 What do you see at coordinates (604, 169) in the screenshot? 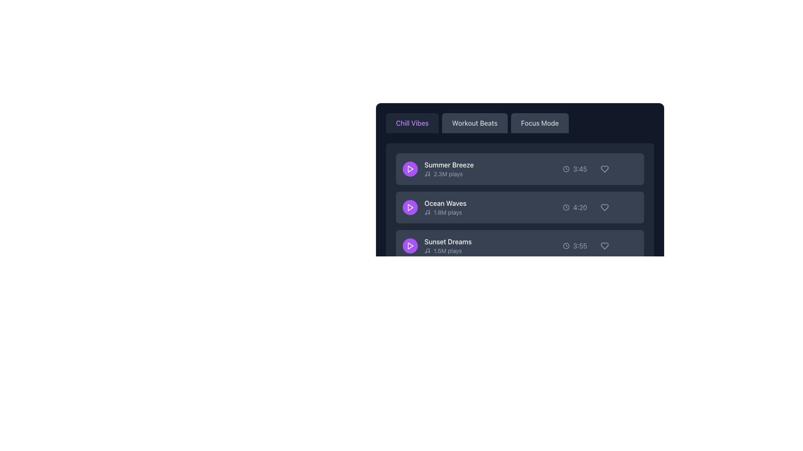
I see `the favorite button located in the middle of the right-hand side of the first item in a vertical list, beside the duration '3:45', to favorite or unfavorite the item` at bounding box center [604, 169].